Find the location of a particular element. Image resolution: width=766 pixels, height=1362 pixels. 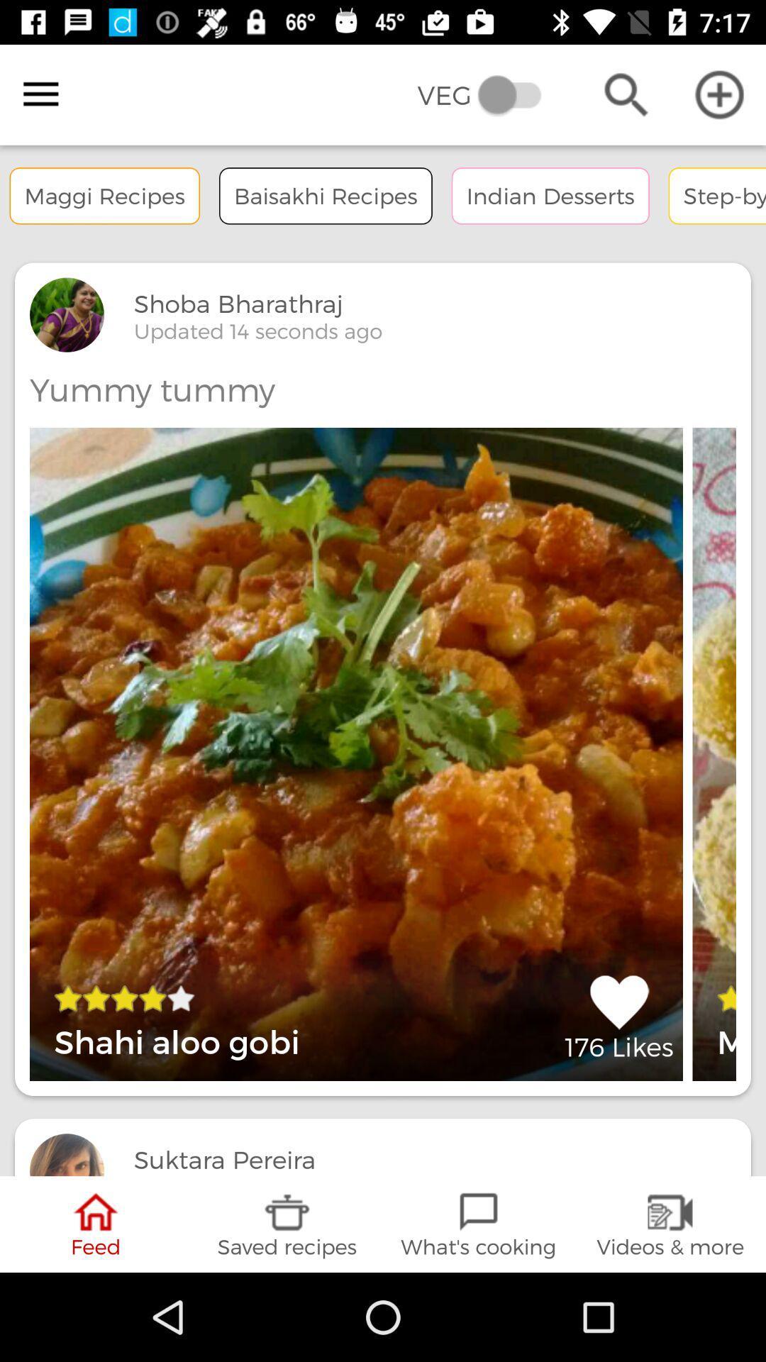

the icon below indian desserts is located at coordinates (618, 1017).